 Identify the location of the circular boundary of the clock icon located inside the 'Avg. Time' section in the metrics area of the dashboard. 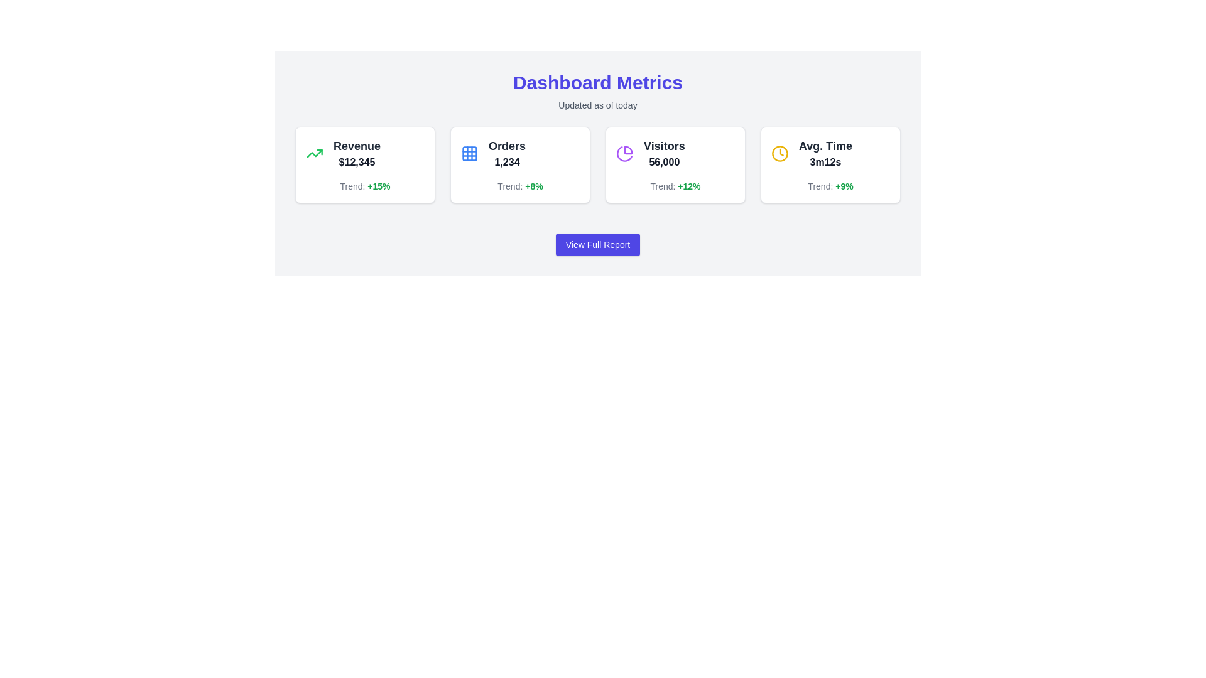
(780, 152).